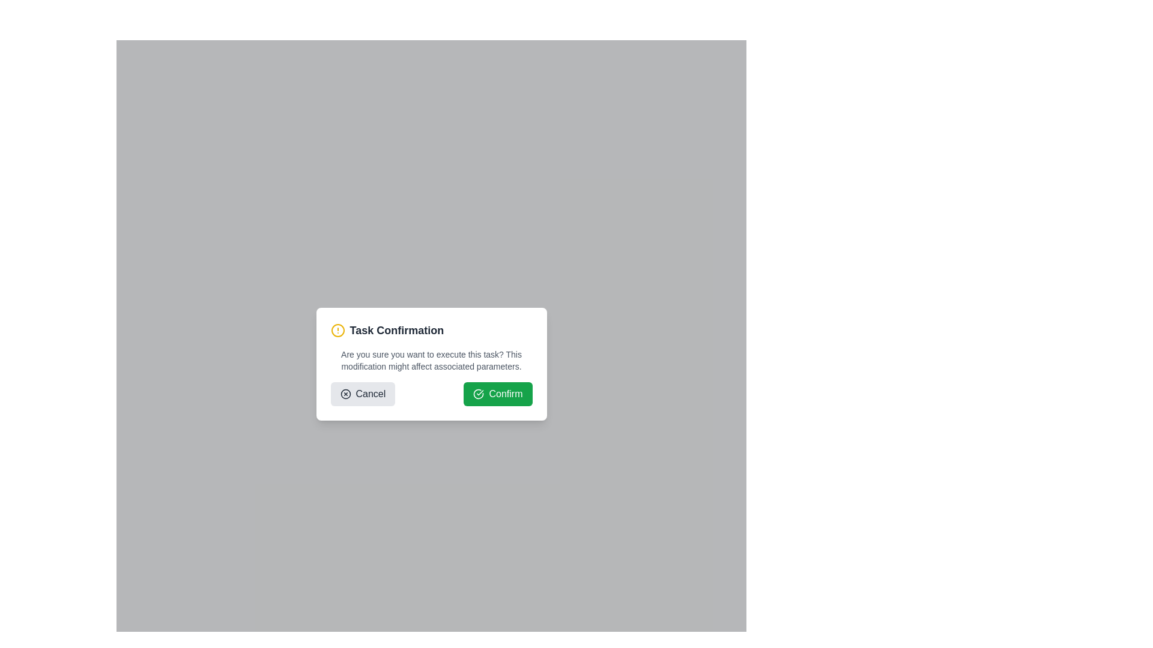 This screenshot has height=648, width=1153. What do you see at coordinates (337, 331) in the screenshot?
I see `the alert icon located to the left of the 'Task Confirmation' heading in the modal dialog by focusing on its content` at bounding box center [337, 331].